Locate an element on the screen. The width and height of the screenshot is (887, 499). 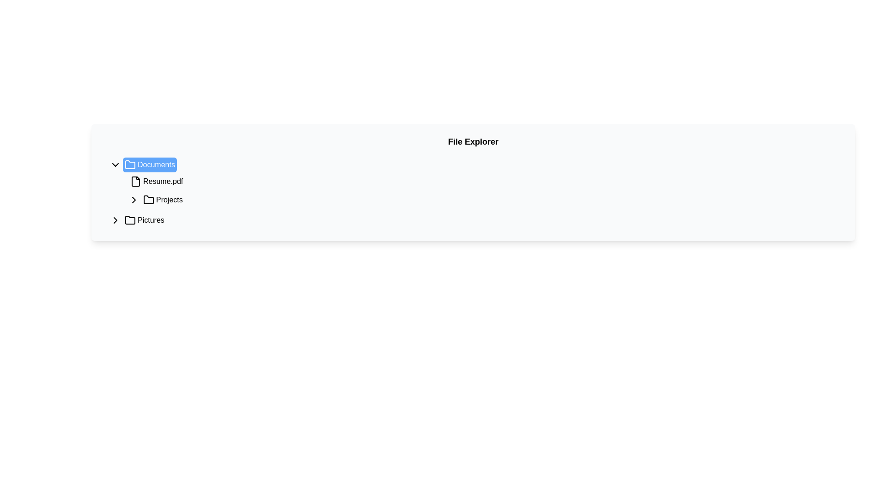
the right-facing chevron icon located to the left of the 'Projects' folder title is located at coordinates (115, 220).